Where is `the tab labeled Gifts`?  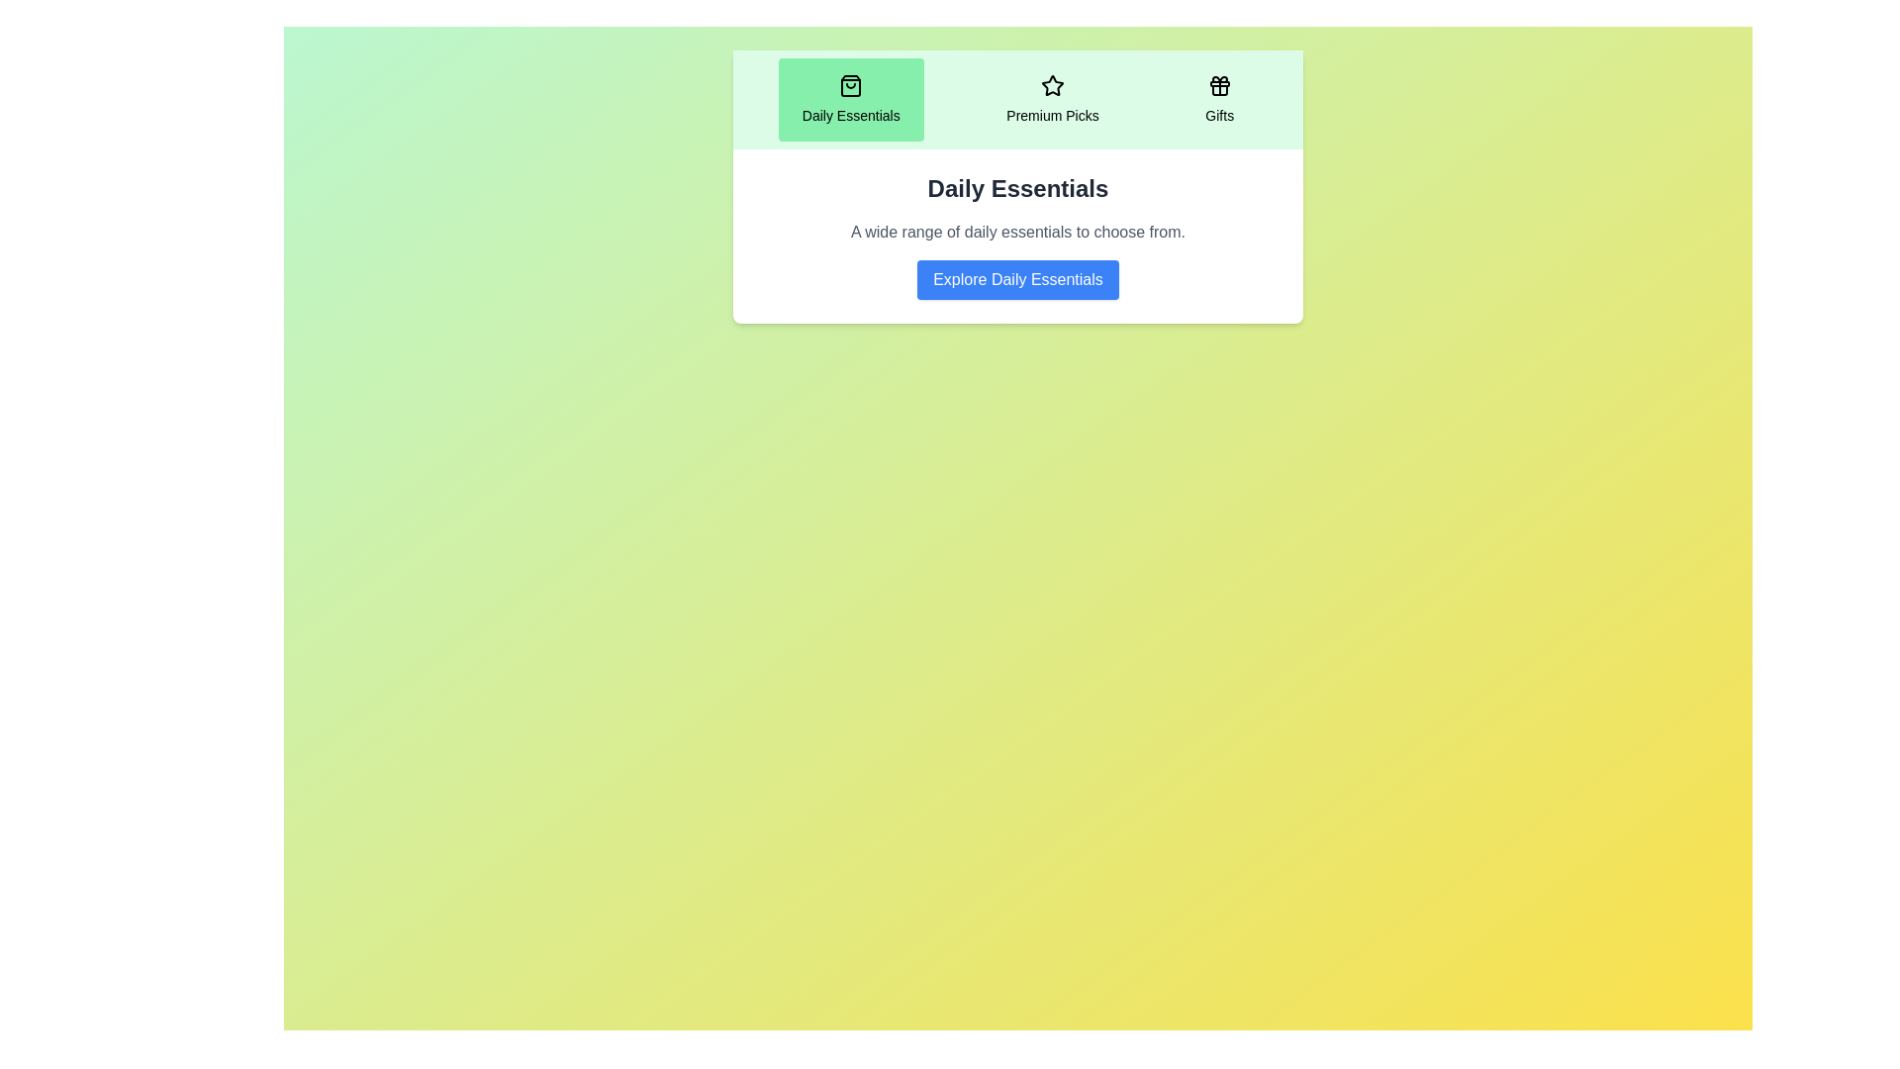
the tab labeled Gifts is located at coordinates (1218, 99).